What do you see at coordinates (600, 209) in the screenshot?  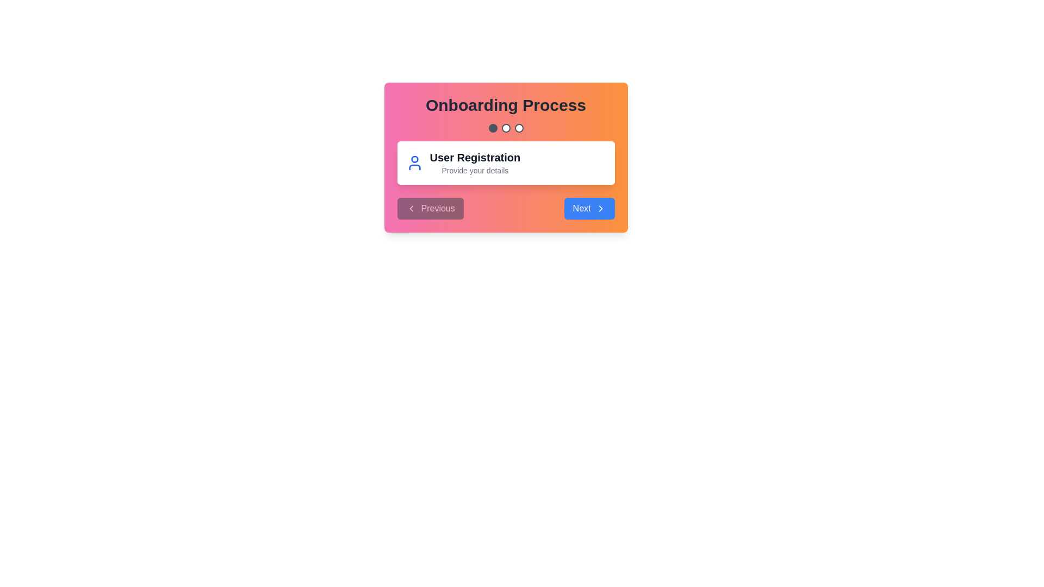 I see `the chevron-shaped icon that is part of the 'Next' button` at bounding box center [600, 209].